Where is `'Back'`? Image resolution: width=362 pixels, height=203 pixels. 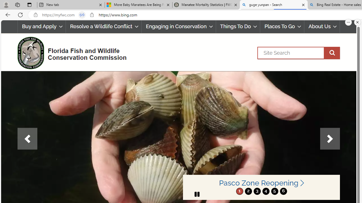 'Back' is located at coordinates (7, 14).